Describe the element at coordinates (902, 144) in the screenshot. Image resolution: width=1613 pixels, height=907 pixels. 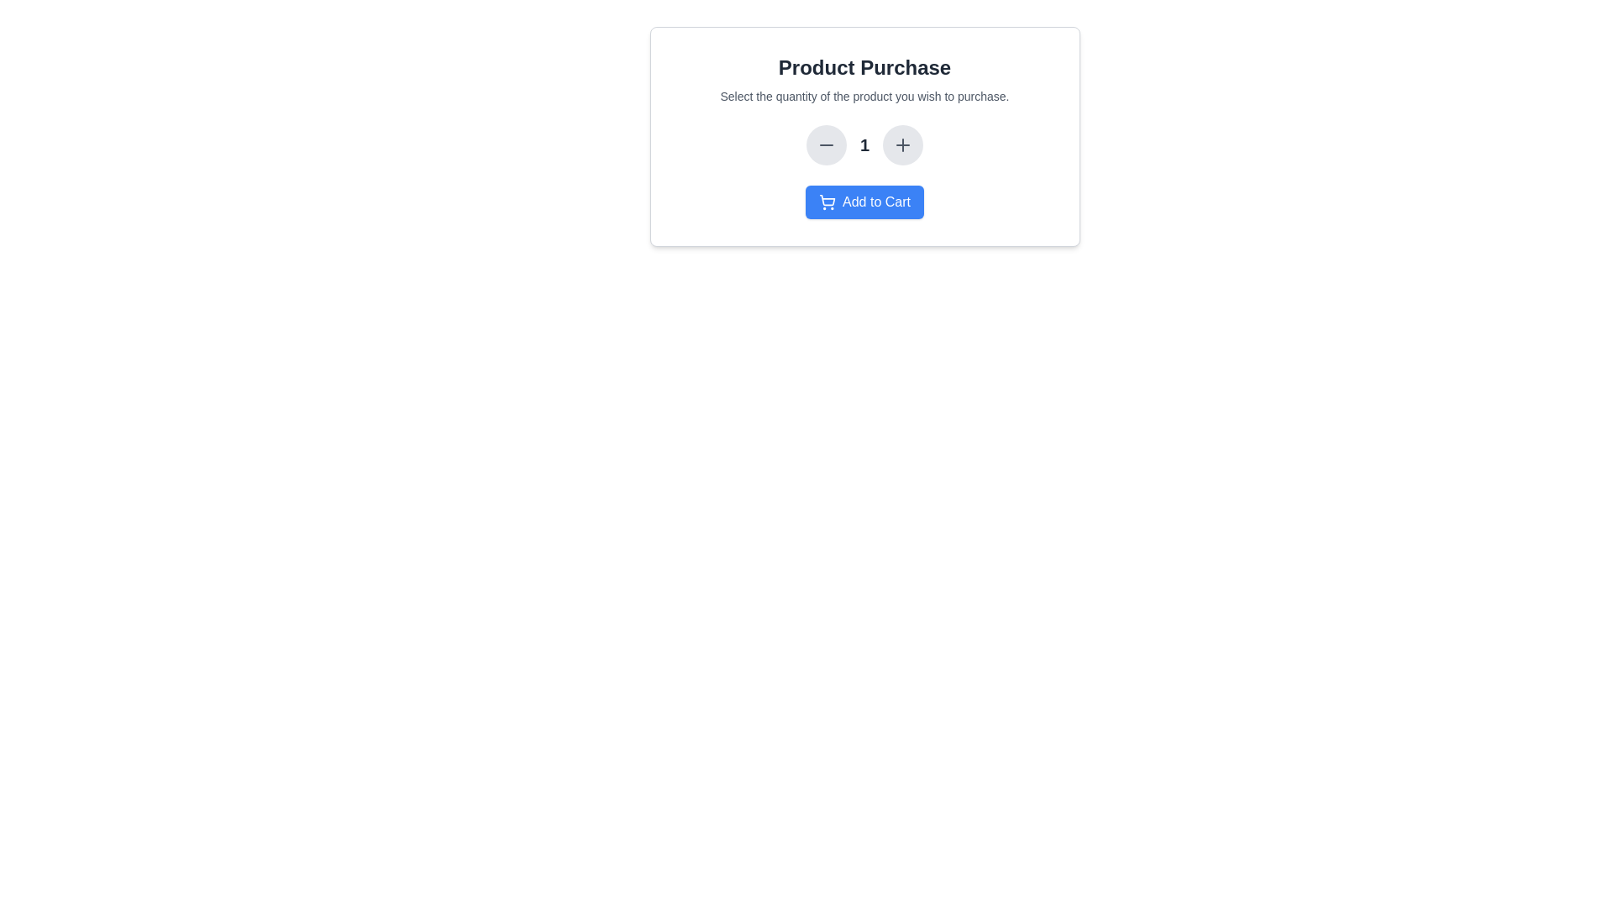
I see `the plus icon button, which is styled with a light gray background and represents the increment action in the quantity adjustment controls` at that location.